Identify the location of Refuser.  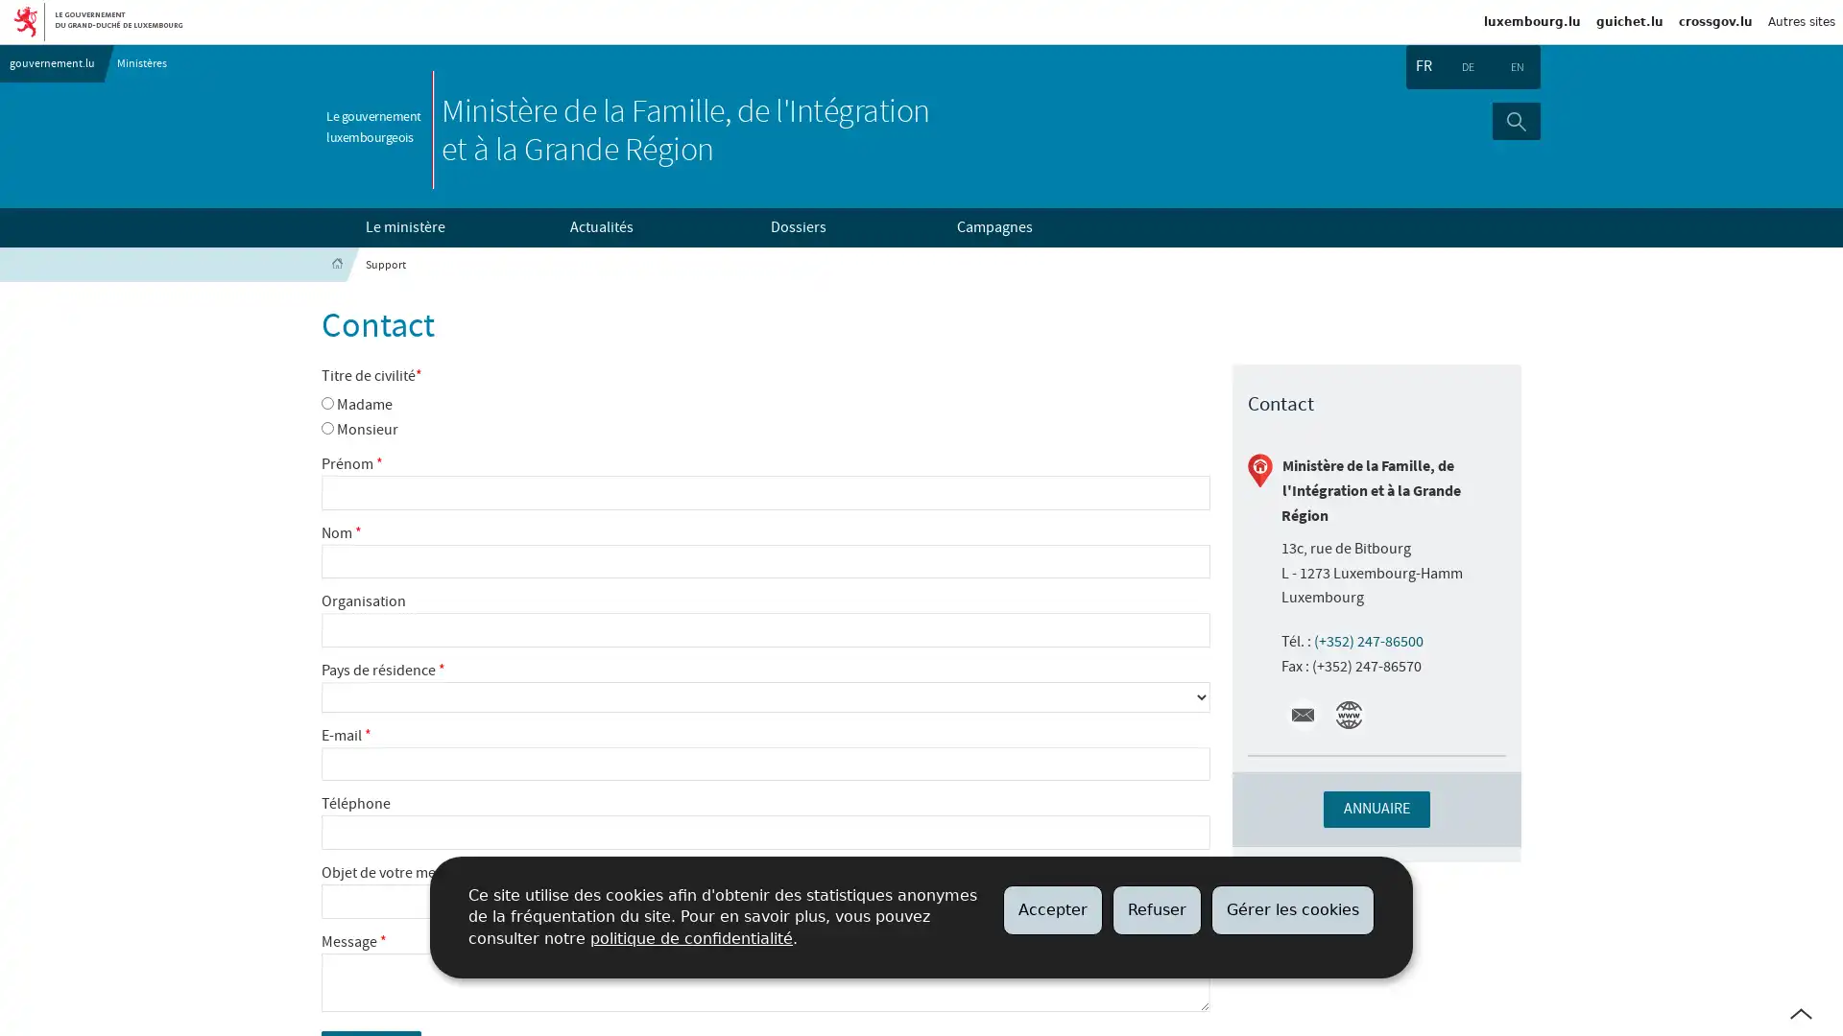
(1156, 908).